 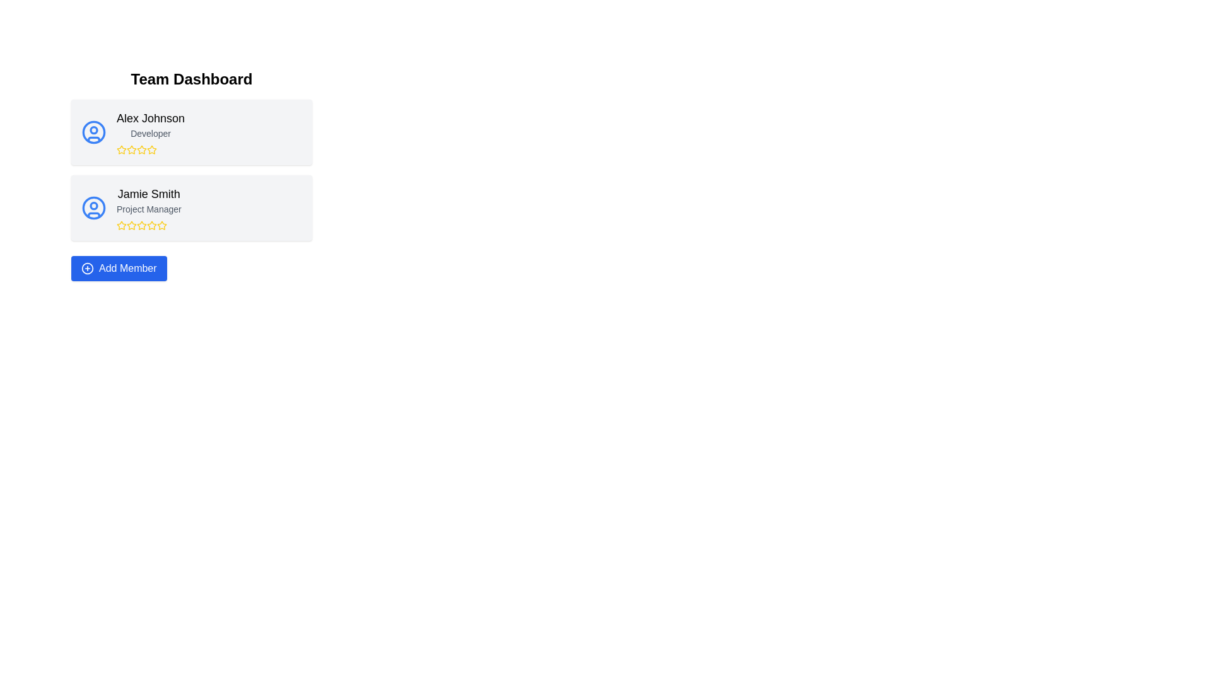 What do you see at coordinates (151, 224) in the screenshot?
I see `the third star icon for rating located beneath Jamie Smith's profile details to rate` at bounding box center [151, 224].